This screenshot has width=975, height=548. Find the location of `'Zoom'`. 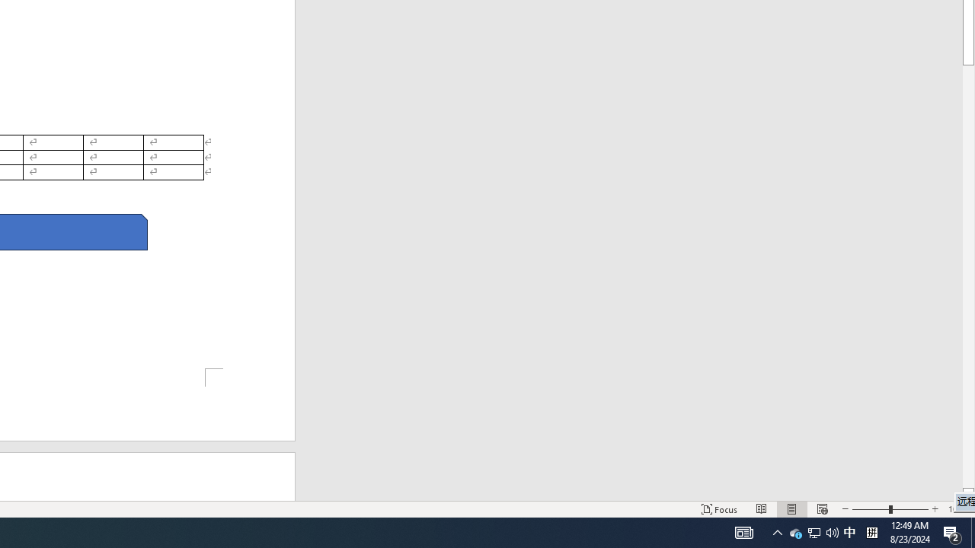

'Zoom' is located at coordinates (890, 509).